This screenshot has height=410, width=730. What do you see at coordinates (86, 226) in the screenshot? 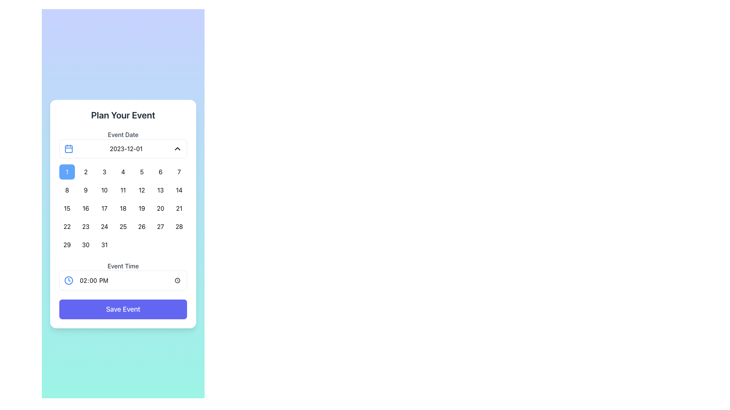
I see `the selectable day button representing the 23rd day in the date picker interface` at bounding box center [86, 226].